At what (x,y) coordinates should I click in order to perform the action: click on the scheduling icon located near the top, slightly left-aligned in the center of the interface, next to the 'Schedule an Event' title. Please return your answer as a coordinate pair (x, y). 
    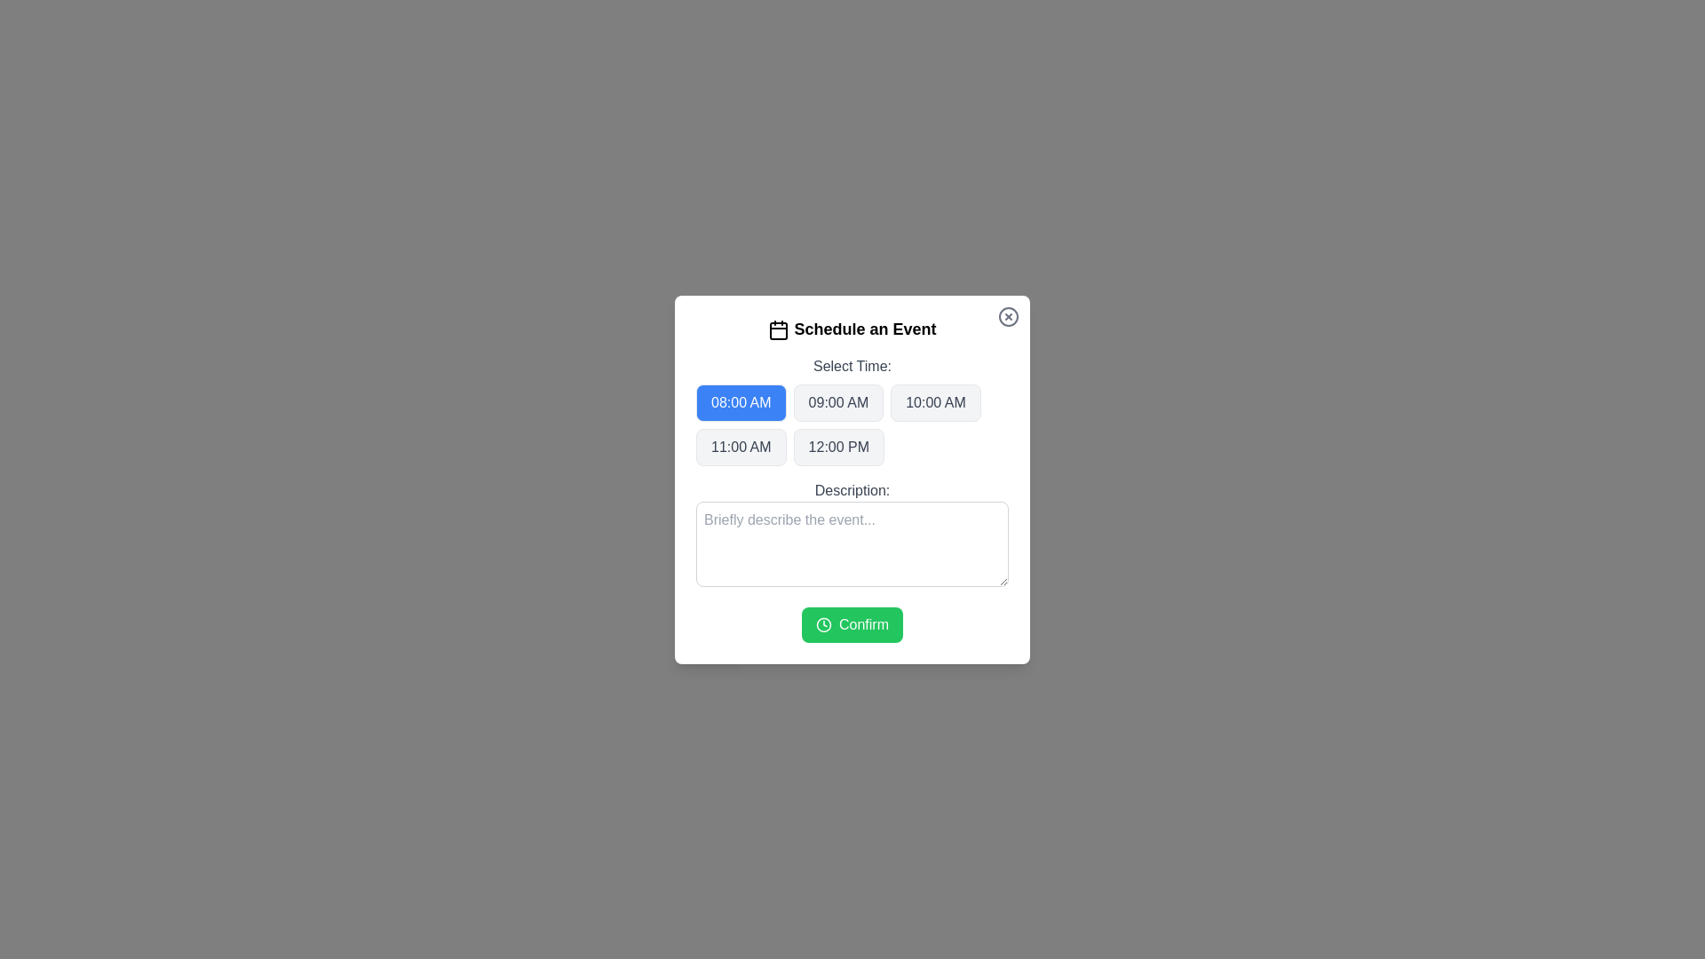
    Looking at the image, I should click on (779, 330).